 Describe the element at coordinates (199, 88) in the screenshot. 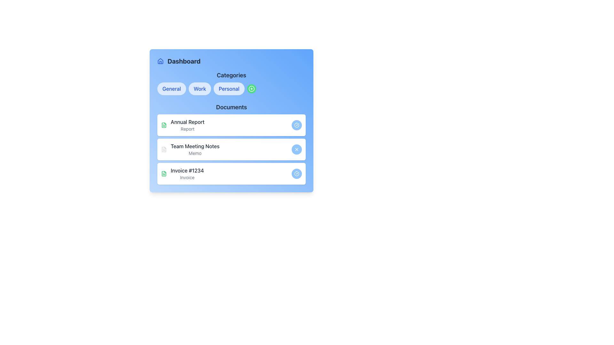

I see `the pill-shaped button labeled 'Work' with a blue background` at that location.